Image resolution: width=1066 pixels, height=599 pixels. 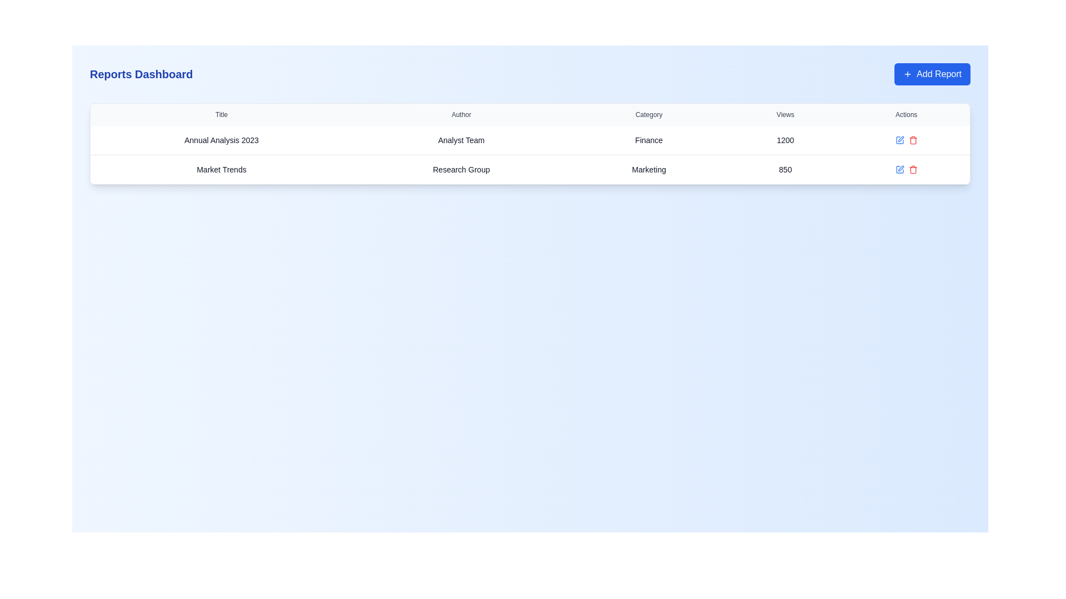 What do you see at coordinates (648, 169) in the screenshot?
I see `text of the 'Marketing' label located in the 'Category' column of the second row of the table, styled in a small-sized gray font` at bounding box center [648, 169].